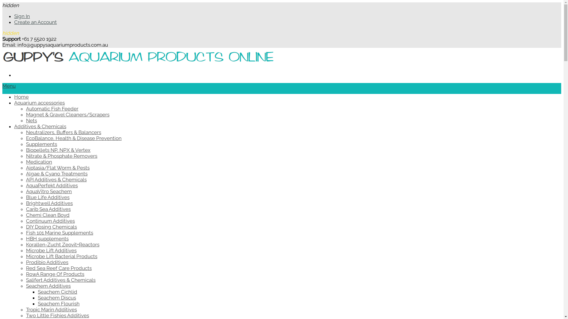 The width and height of the screenshot is (568, 319). What do you see at coordinates (52, 185) in the screenshot?
I see `'AquaPerfekt Additives'` at bounding box center [52, 185].